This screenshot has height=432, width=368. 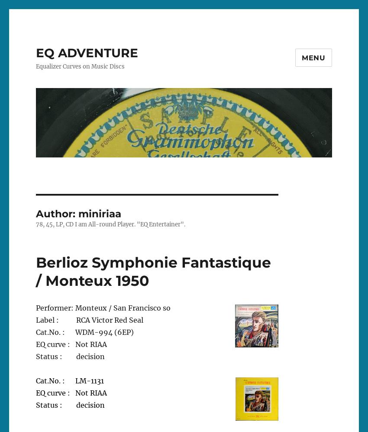 What do you see at coordinates (89, 319) in the screenshot?
I see `'Label :          RCA Victor Red Seal'` at bounding box center [89, 319].